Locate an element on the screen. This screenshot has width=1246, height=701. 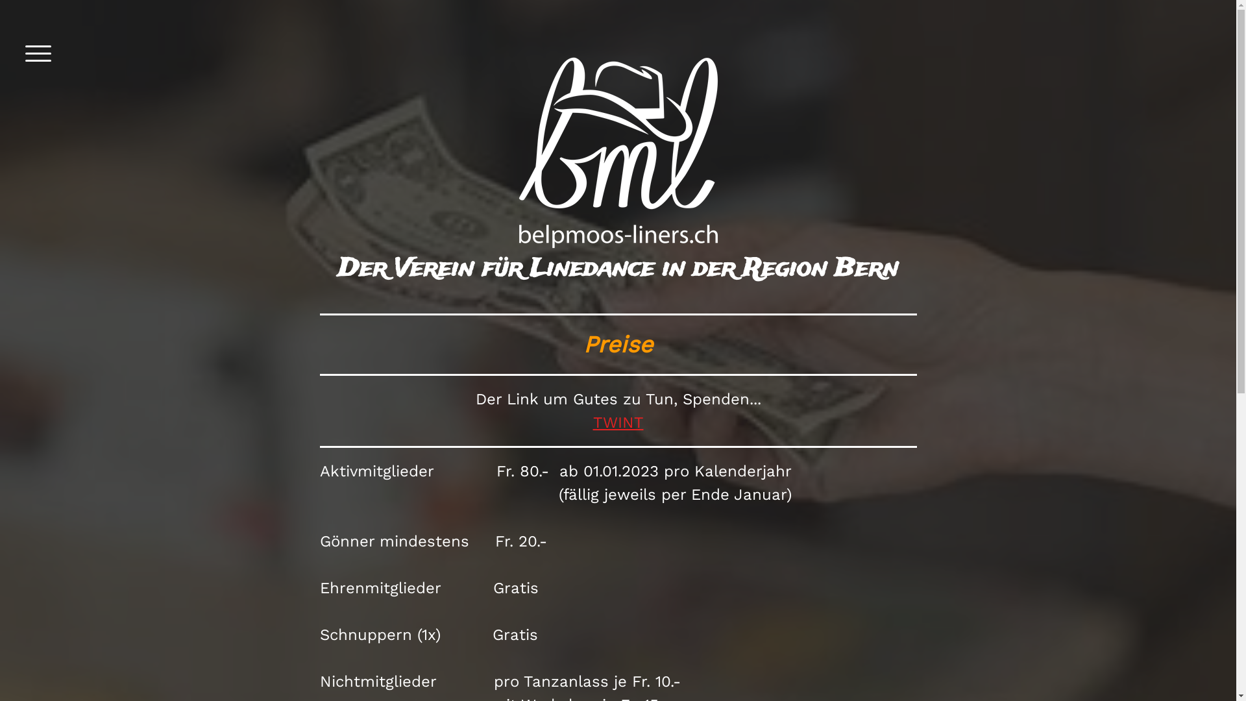
'TWINT' is located at coordinates (618, 423).